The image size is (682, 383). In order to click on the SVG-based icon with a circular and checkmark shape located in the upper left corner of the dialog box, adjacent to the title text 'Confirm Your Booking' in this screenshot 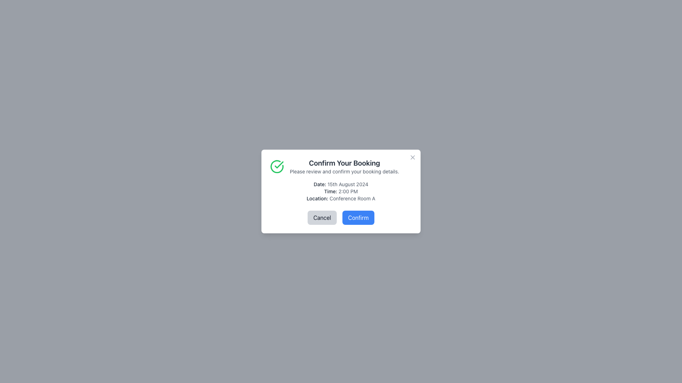, I will do `click(276, 167)`.